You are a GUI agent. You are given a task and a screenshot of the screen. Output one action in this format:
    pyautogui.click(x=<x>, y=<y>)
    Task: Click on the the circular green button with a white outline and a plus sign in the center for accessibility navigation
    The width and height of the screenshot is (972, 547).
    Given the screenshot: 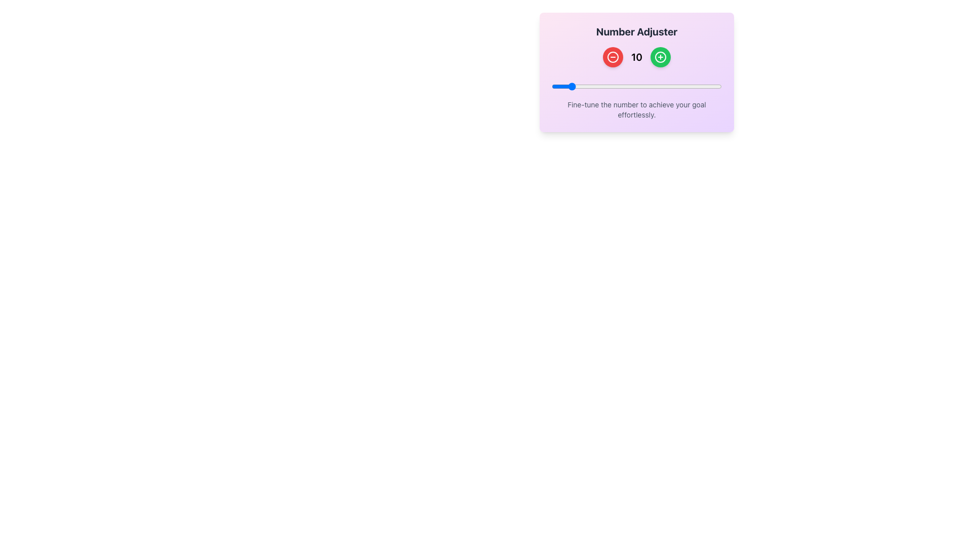 What is the action you would take?
    pyautogui.click(x=661, y=57)
    